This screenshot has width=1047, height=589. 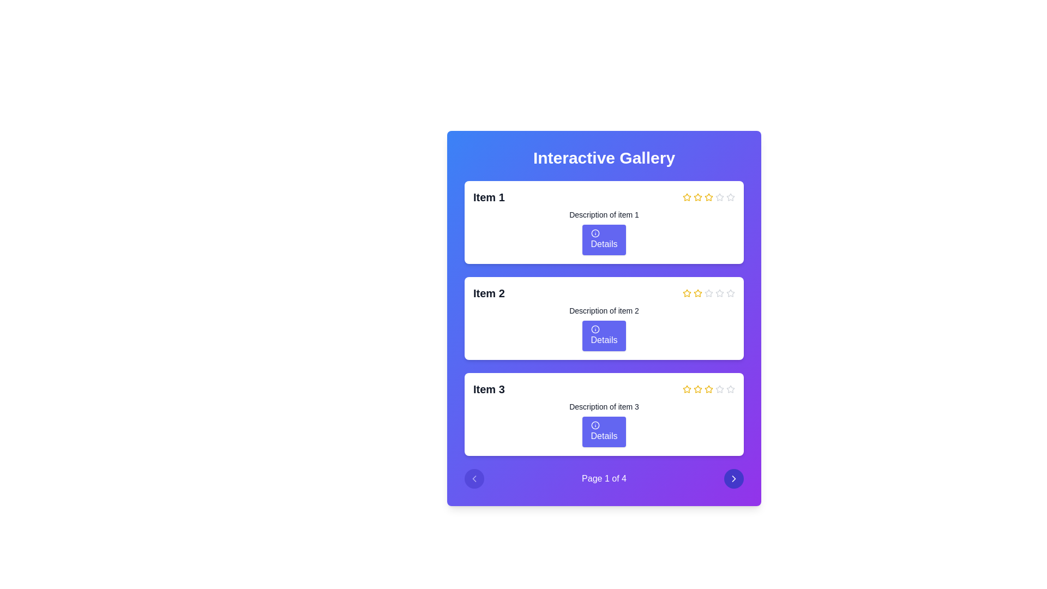 What do you see at coordinates (709, 388) in the screenshot?
I see `the second yellow star-shaped icon in the rating section, which is the third item box, to indicate a rating action` at bounding box center [709, 388].